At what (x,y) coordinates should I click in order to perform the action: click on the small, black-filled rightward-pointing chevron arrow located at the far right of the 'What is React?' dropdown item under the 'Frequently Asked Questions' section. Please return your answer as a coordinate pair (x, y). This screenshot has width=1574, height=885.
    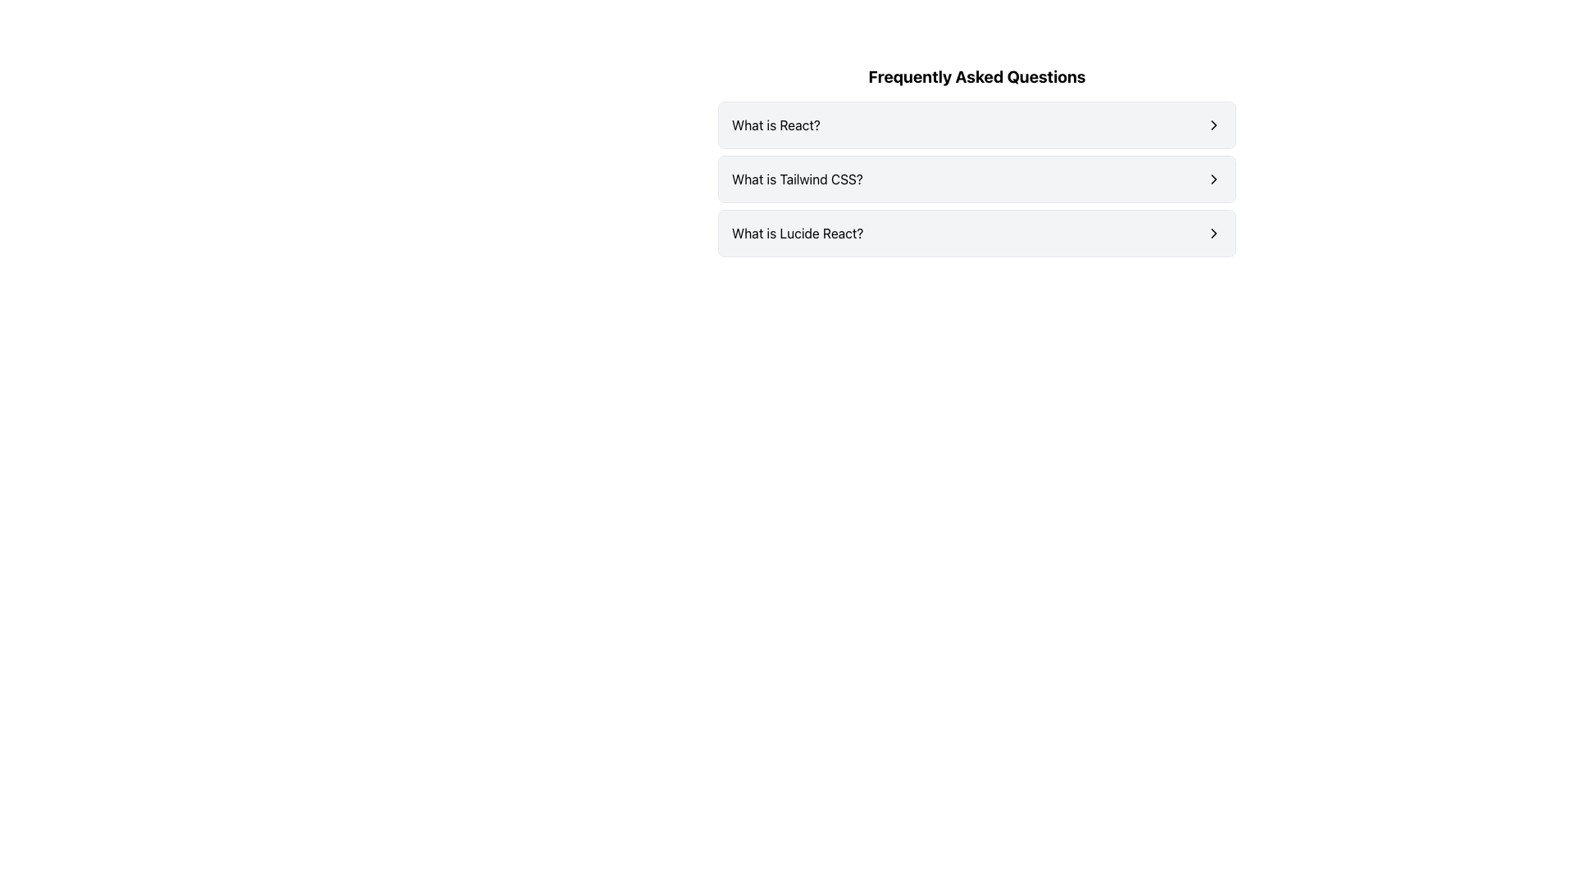
    Looking at the image, I should click on (1214, 125).